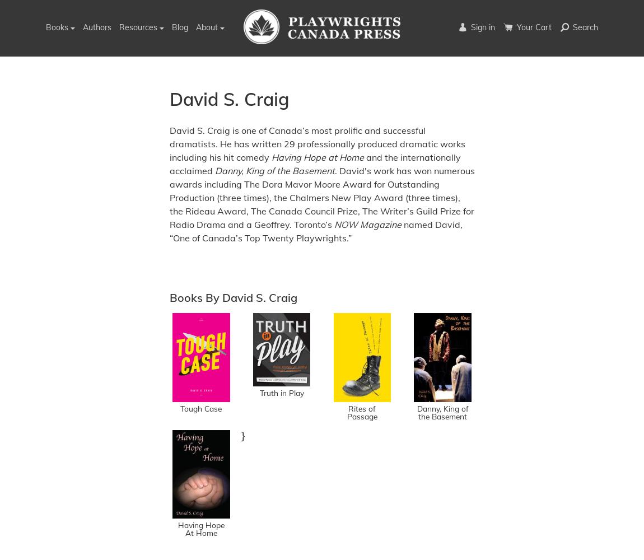 The height and width of the screenshot is (560, 644). What do you see at coordinates (271, 157) in the screenshot?
I see `'Having Hope at Home'` at bounding box center [271, 157].